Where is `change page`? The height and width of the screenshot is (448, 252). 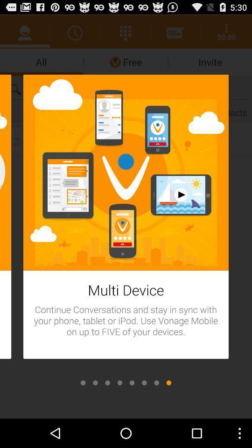 change page is located at coordinates (107, 383).